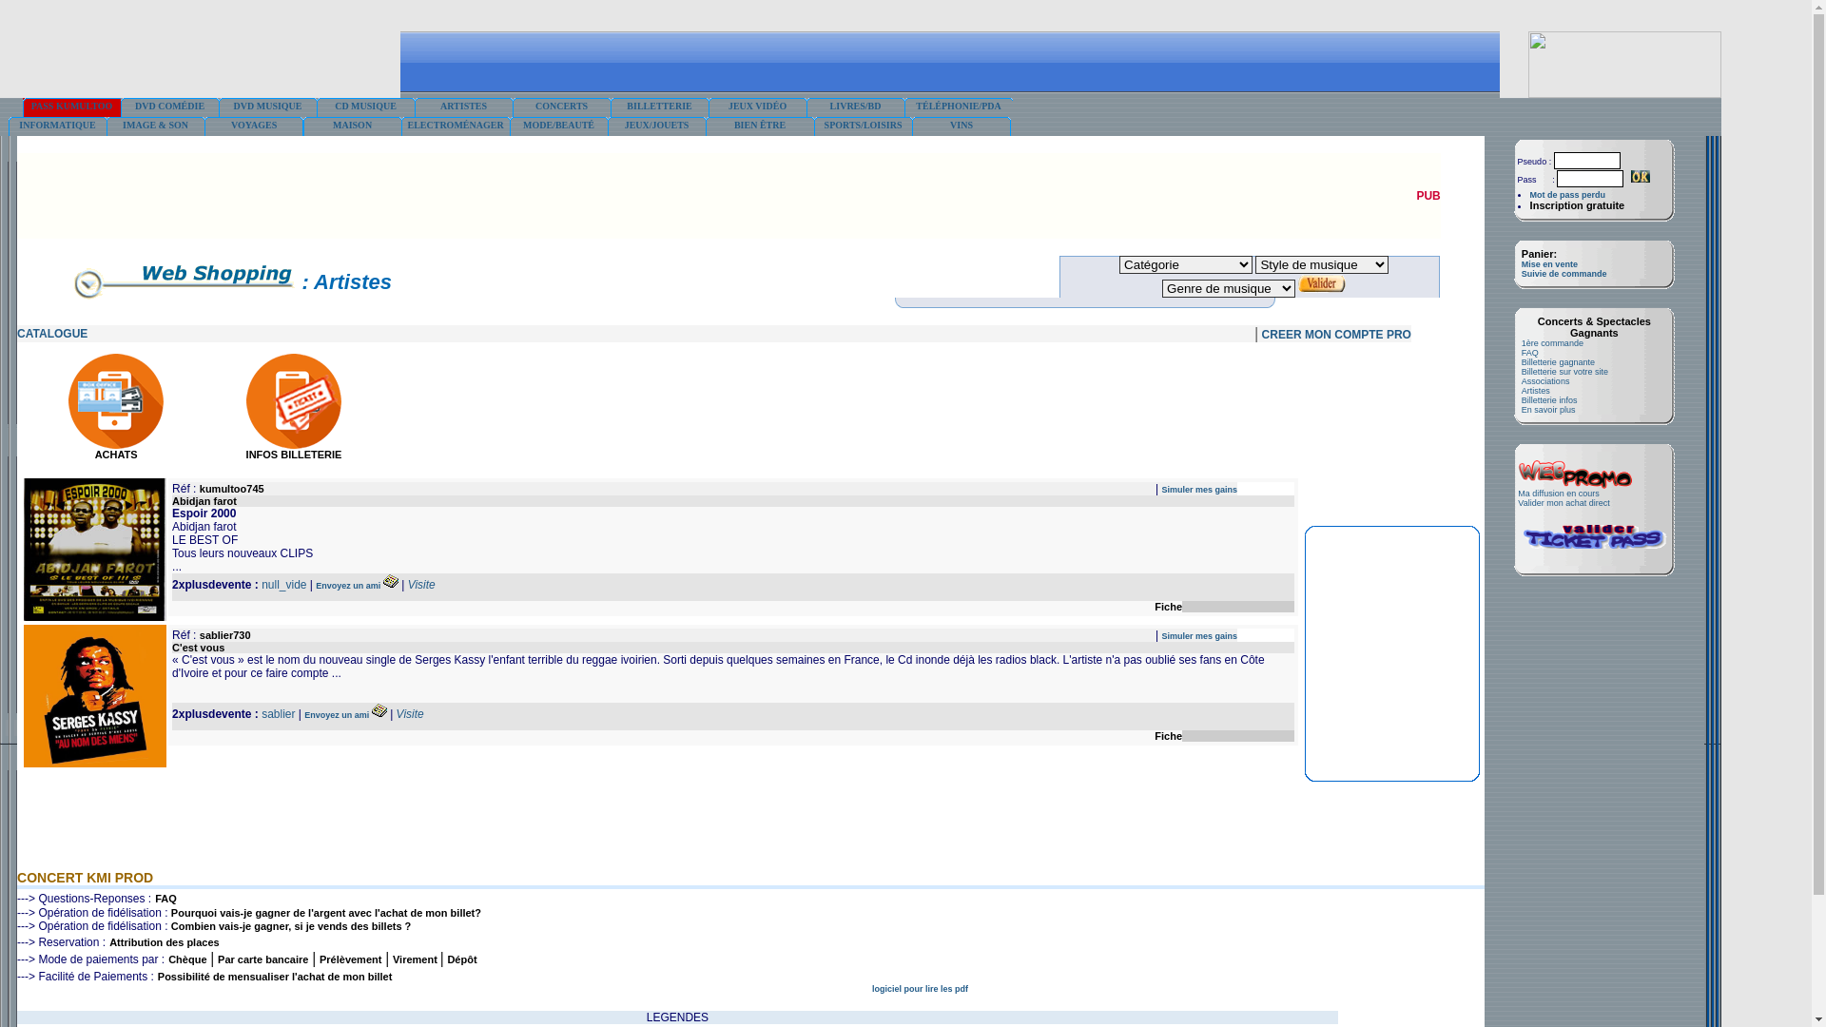 The height and width of the screenshot is (1027, 1826). I want to click on 'Envoyez un ami', so click(338, 715).